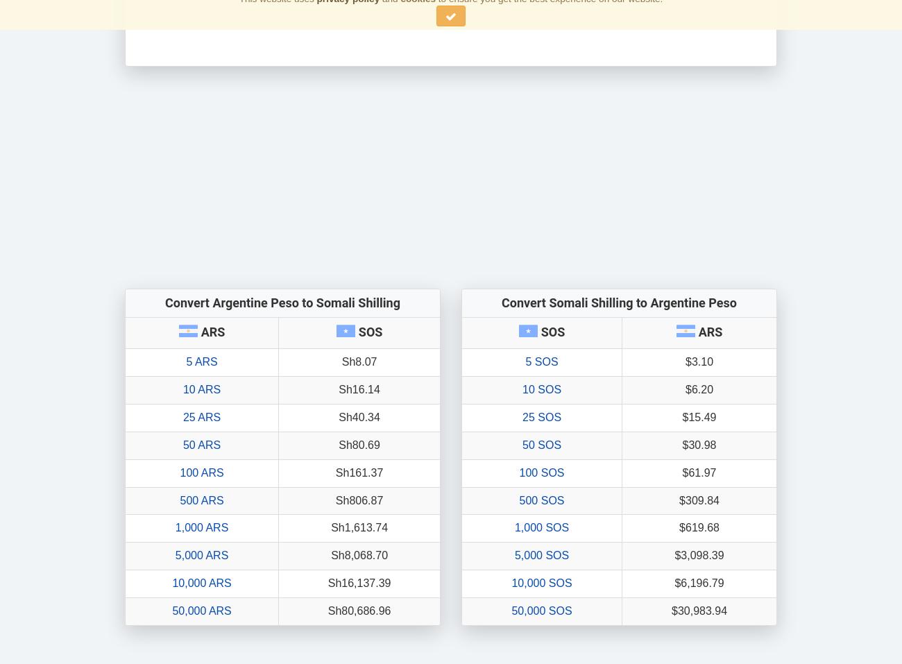  What do you see at coordinates (359, 554) in the screenshot?
I see `'Sh8,068.70'` at bounding box center [359, 554].